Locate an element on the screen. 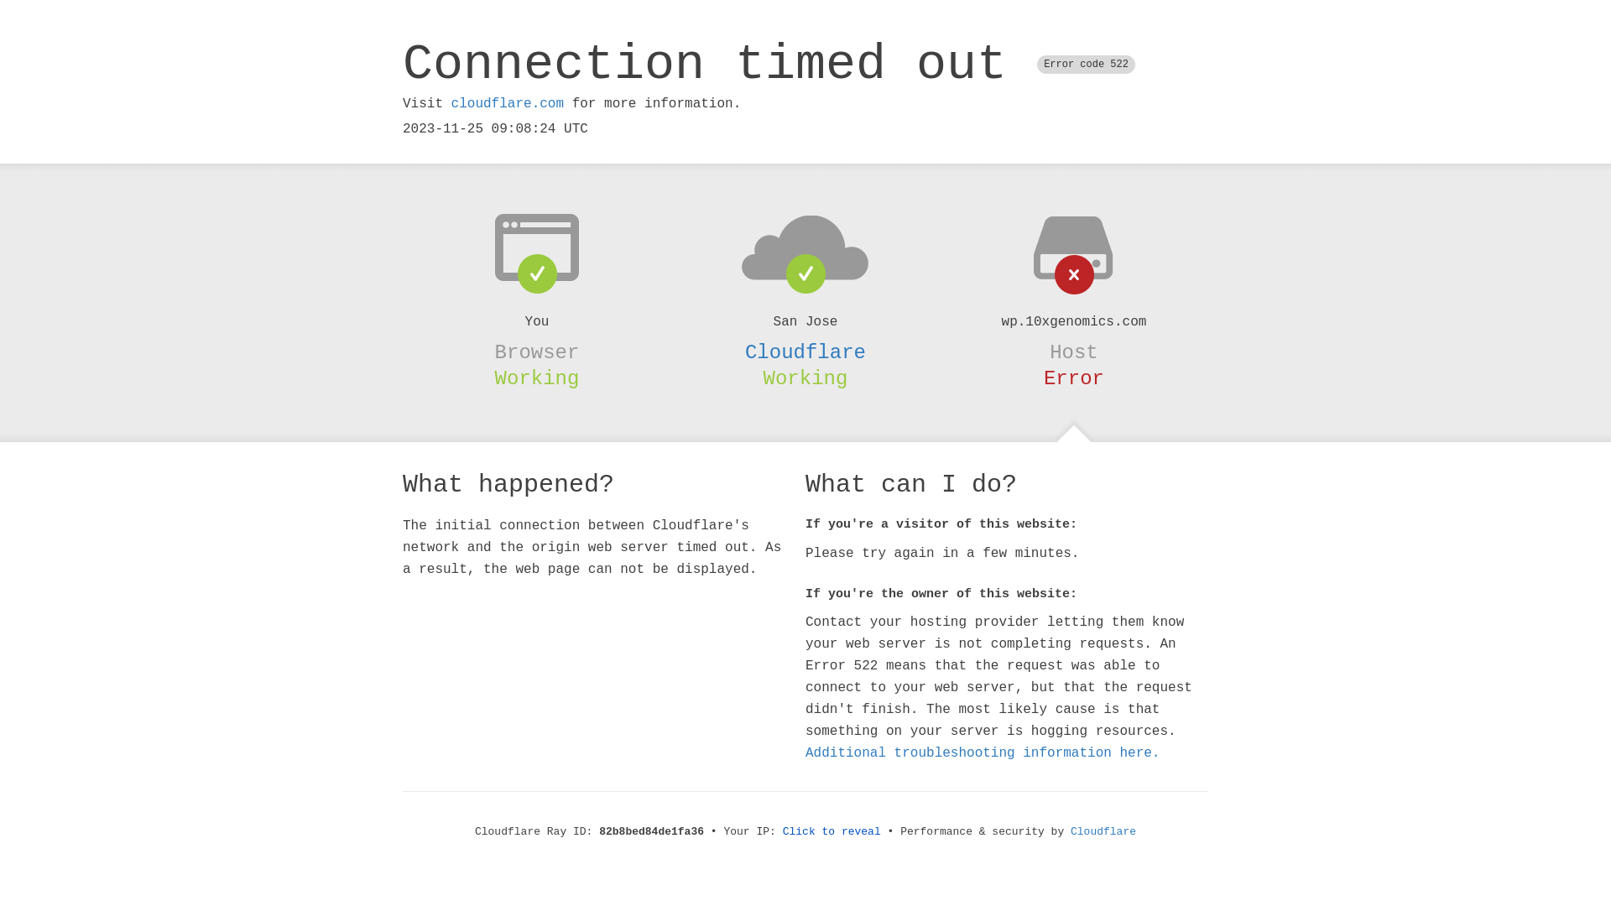  'Click to reveal' is located at coordinates (832, 831).